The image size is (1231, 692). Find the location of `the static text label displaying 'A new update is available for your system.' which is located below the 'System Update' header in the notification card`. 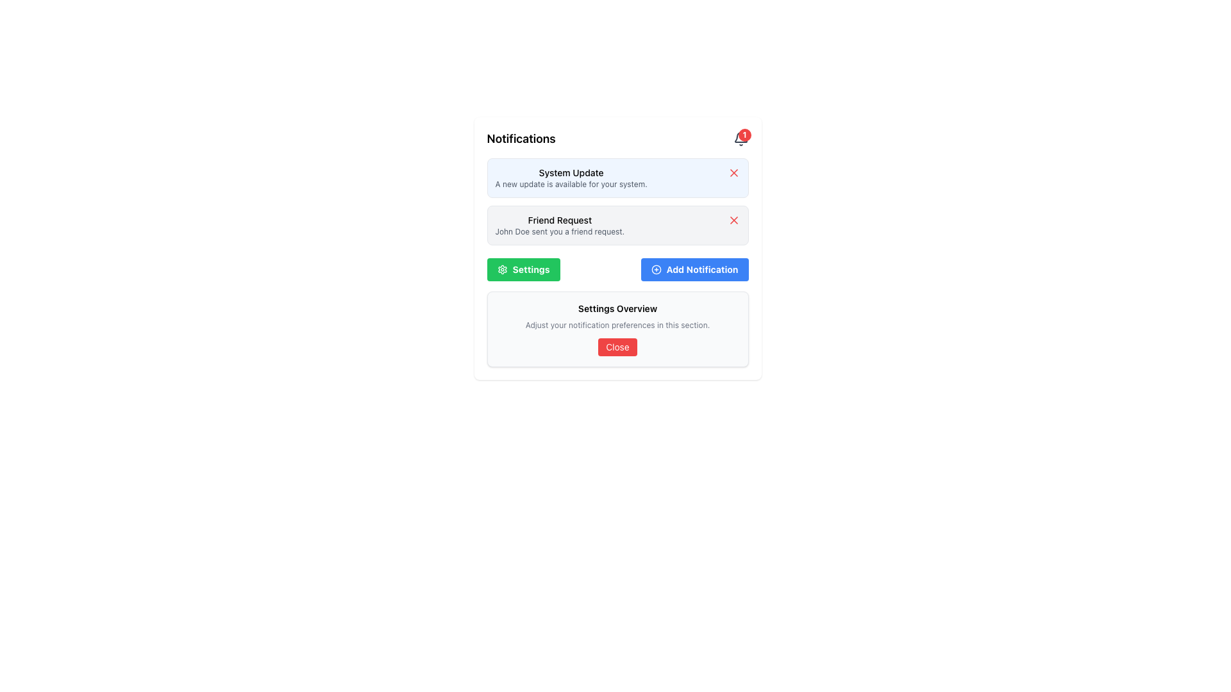

the static text label displaying 'A new update is available for your system.' which is located below the 'System Update' header in the notification card is located at coordinates (571, 185).